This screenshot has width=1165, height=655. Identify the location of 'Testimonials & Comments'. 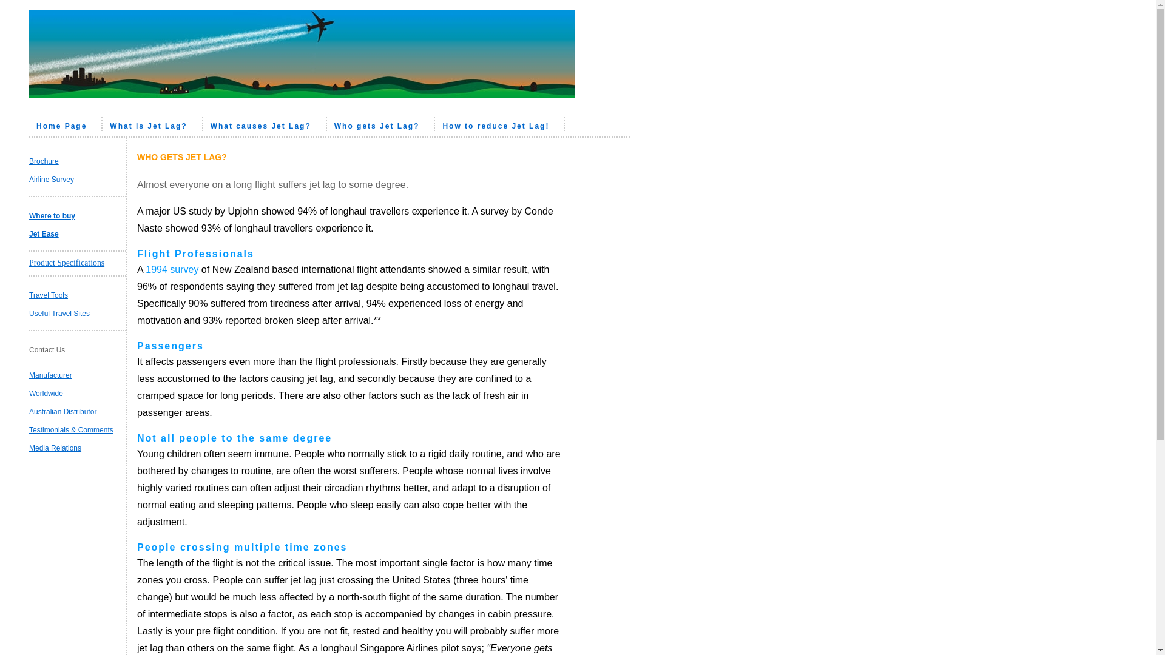
(70, 429).